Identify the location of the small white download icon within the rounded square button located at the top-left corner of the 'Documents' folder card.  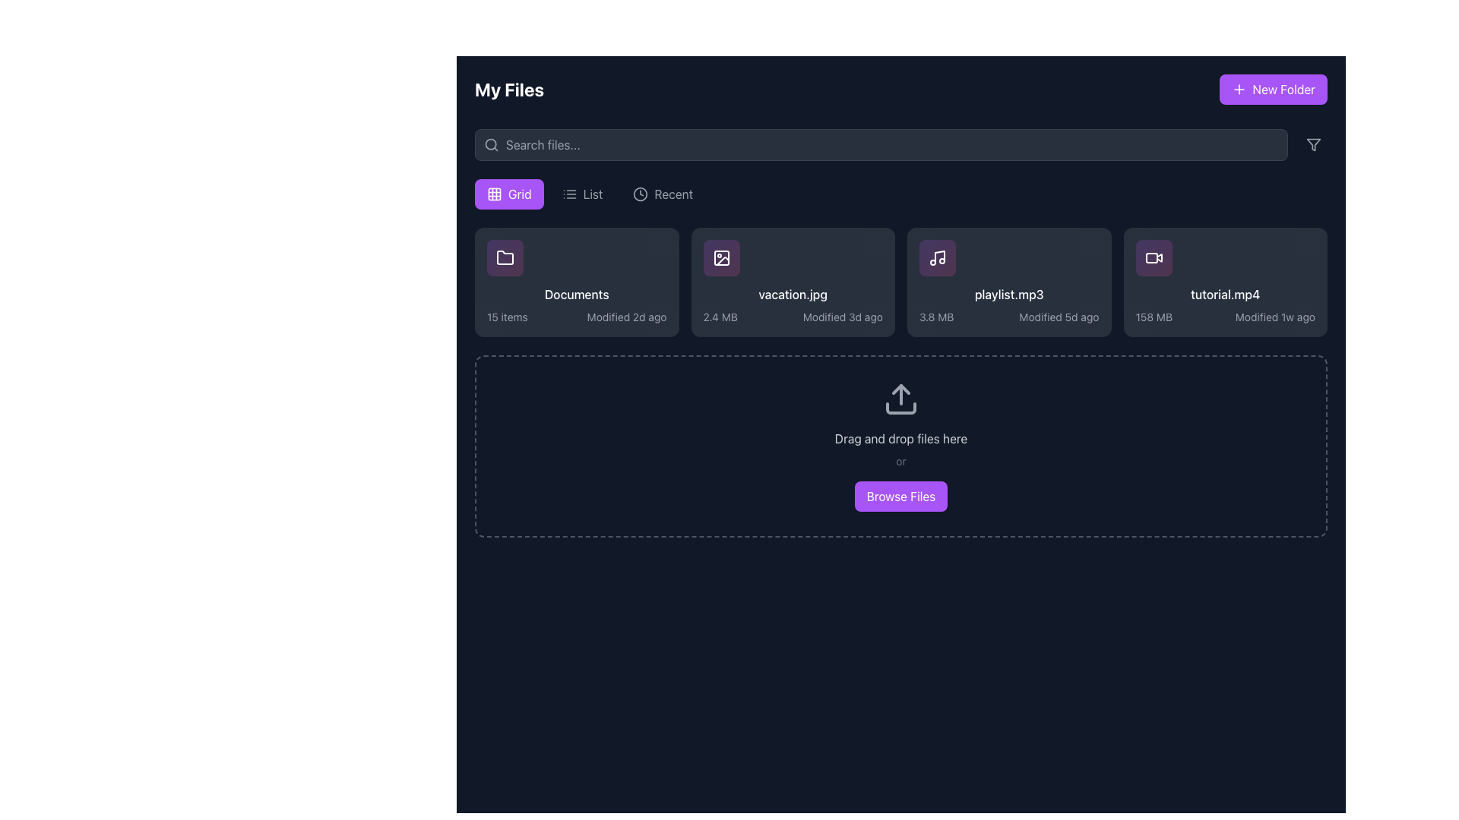
(540, 282).